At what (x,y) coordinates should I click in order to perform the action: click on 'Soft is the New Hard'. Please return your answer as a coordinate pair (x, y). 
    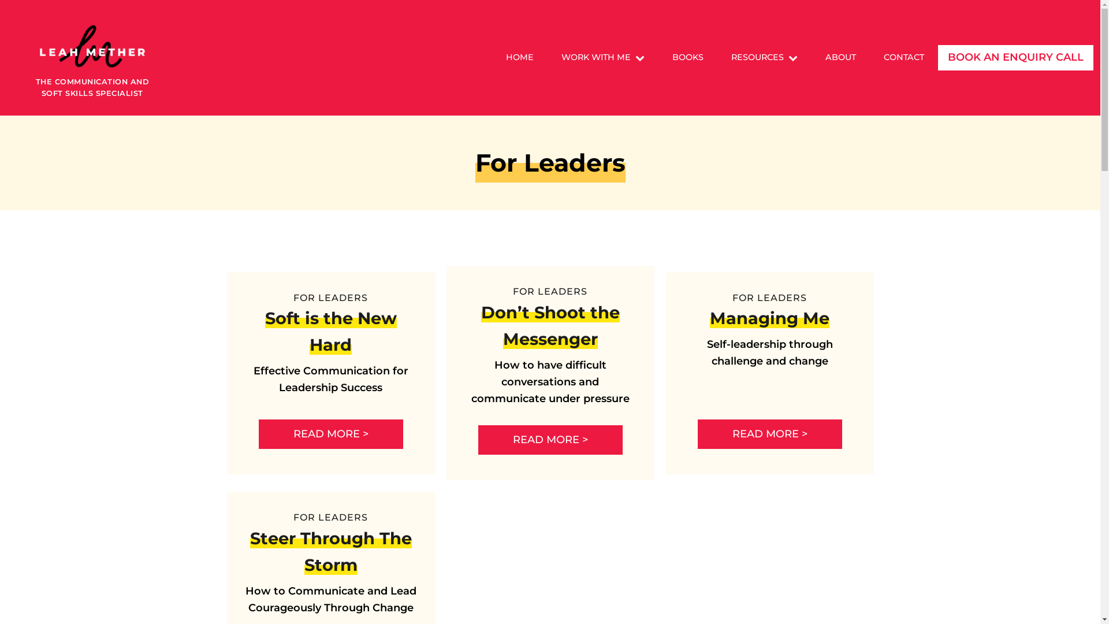
    Looking at the image, I should click on (329, 331).